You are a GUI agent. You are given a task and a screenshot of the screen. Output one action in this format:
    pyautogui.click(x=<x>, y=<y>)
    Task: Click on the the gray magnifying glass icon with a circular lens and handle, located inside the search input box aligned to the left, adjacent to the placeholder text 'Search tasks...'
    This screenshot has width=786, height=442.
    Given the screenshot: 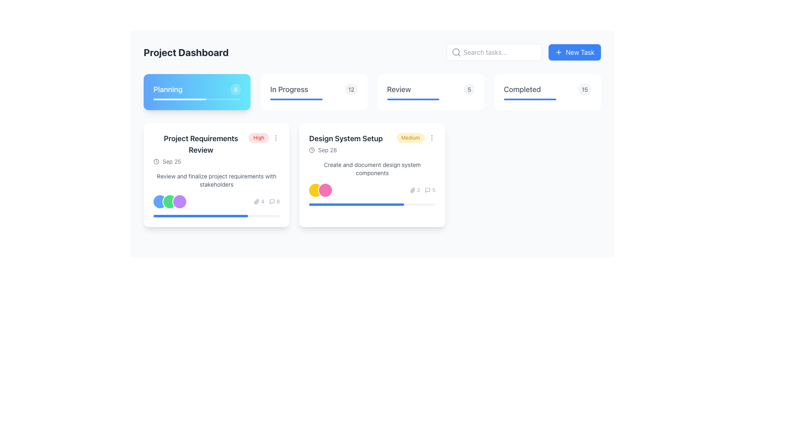 What is the action you would take?
    pyautogui.click(x=456, y=52)
    